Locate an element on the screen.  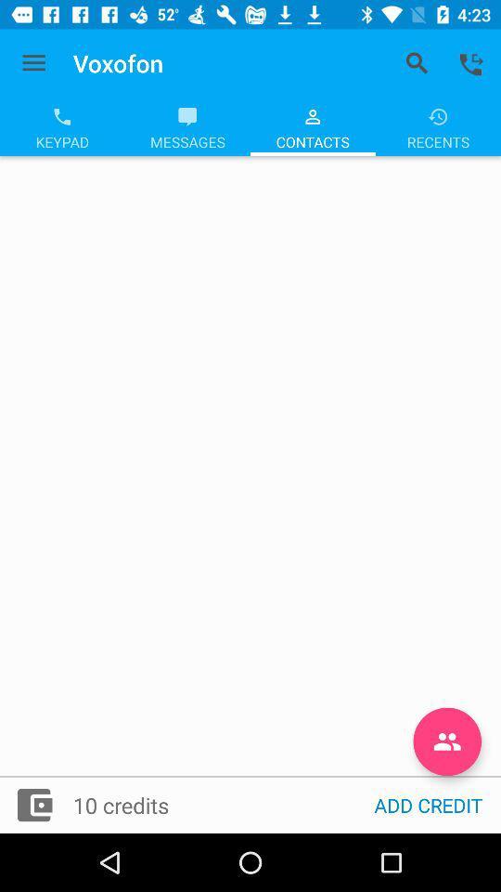
icon next to voxofon item is located at coordinates (33, 63).